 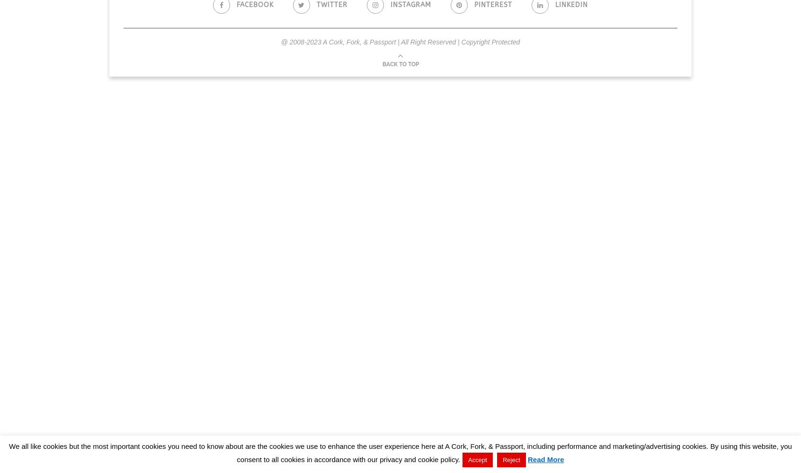 What do you see at coordinates (400, 42) in the screenshot?
I see `'@ 2008-2023 A Cork, Fork, & Passport |
 All Right Reserved | Copyright Protected'` at bounding box center [400, 42].